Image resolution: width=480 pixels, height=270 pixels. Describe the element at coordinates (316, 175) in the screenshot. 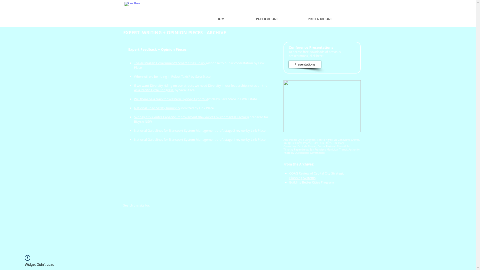

I see `'COAG Review of Capital City Strategic Planning Systems'` at that location.